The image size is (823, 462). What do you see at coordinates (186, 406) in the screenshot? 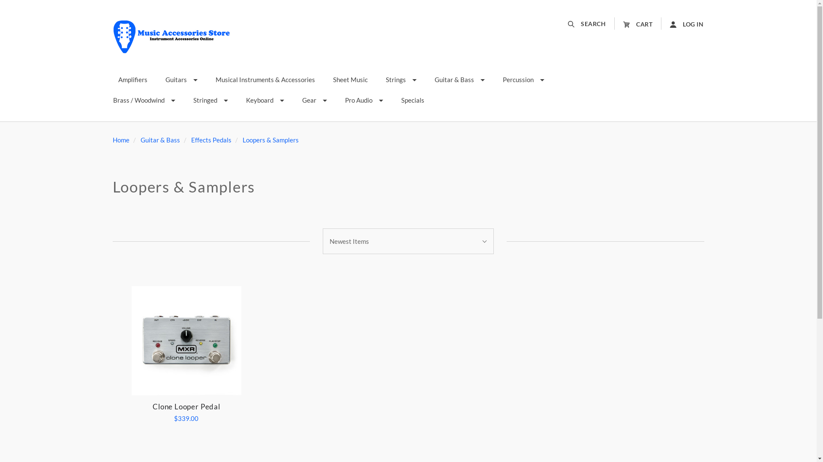
I see `'Clone Looper Pedal'` at bounding box center [186, 406].